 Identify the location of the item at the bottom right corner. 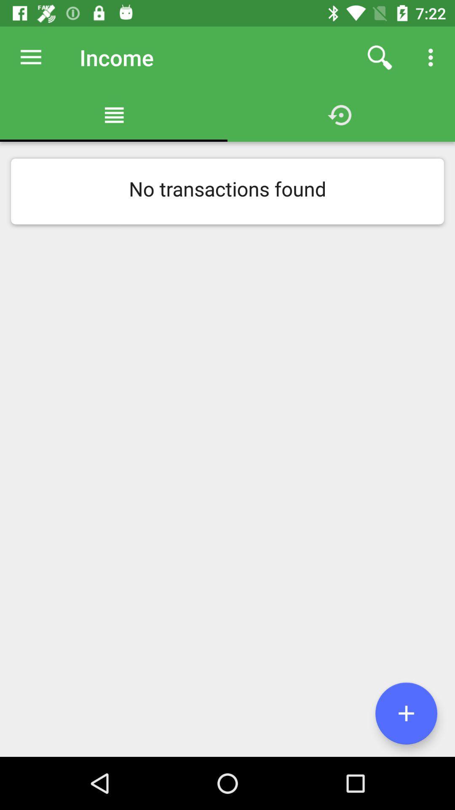
(406, 713).